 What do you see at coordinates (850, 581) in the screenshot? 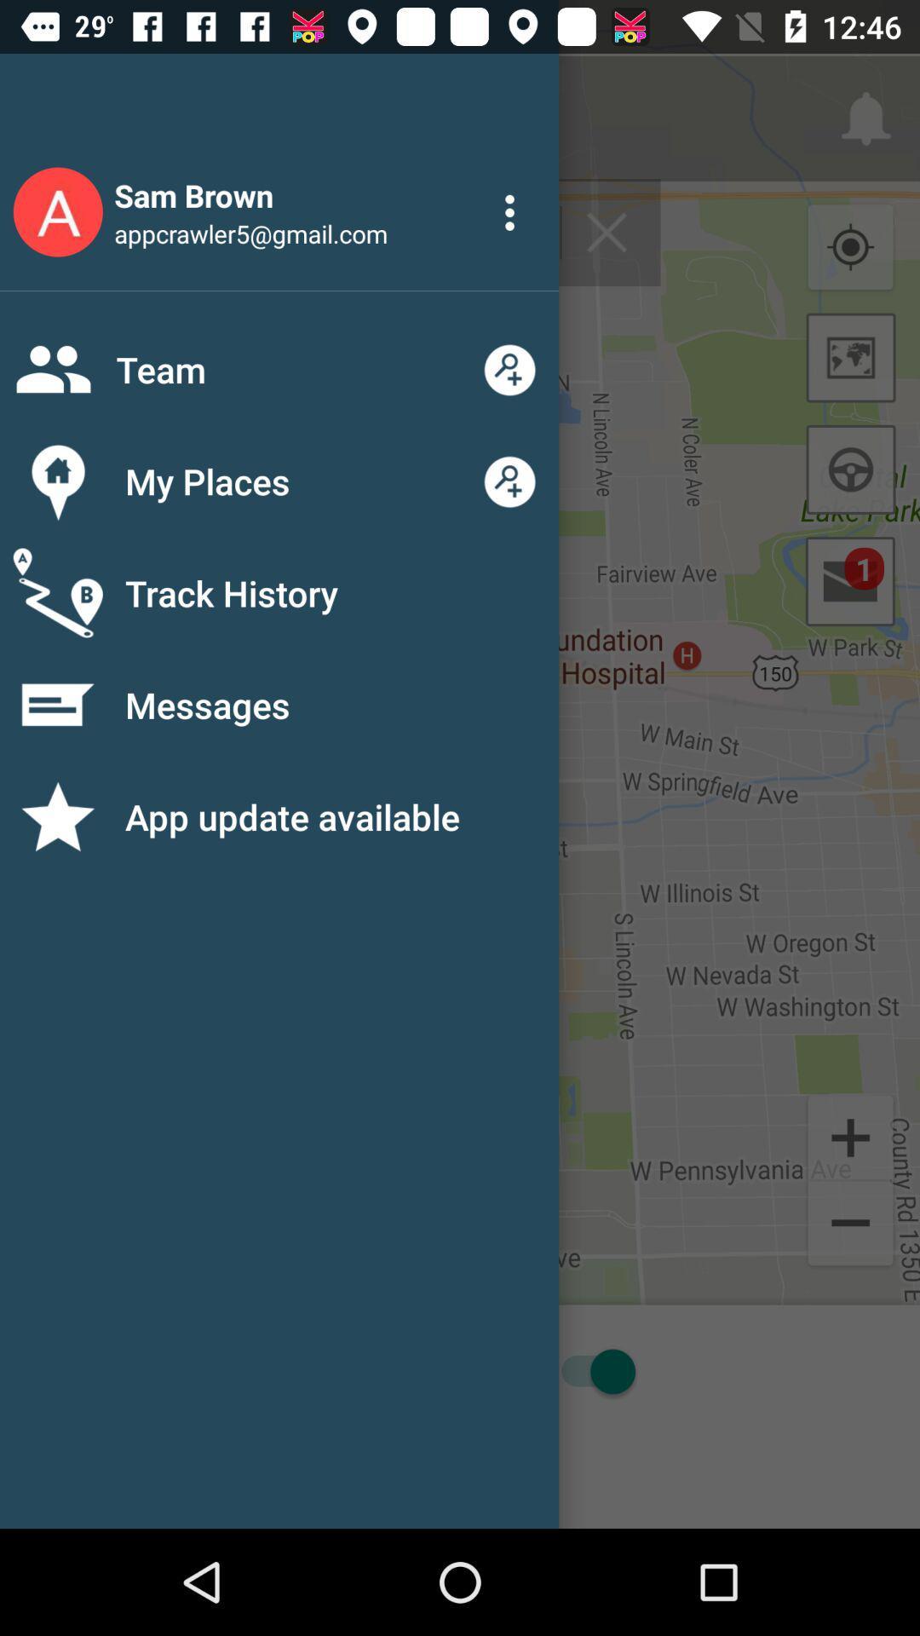
I see `the email icon` at bounding box center [850, 581].